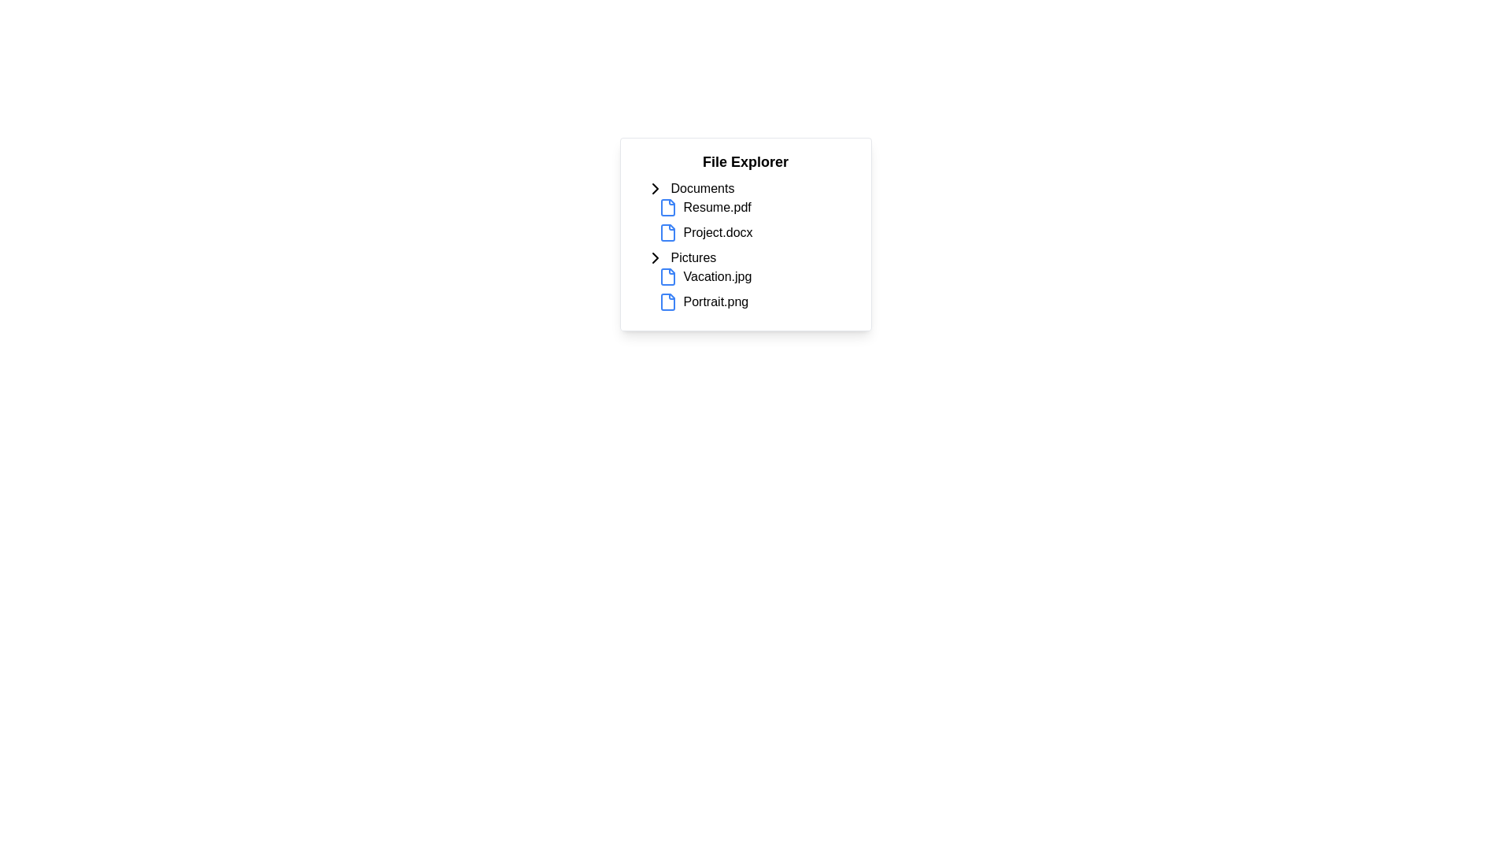 Image resolution: width=1511 pixels, height=850 pixels. I want to click on the file entry labeled 'Portrait.png', so click(758, 302).